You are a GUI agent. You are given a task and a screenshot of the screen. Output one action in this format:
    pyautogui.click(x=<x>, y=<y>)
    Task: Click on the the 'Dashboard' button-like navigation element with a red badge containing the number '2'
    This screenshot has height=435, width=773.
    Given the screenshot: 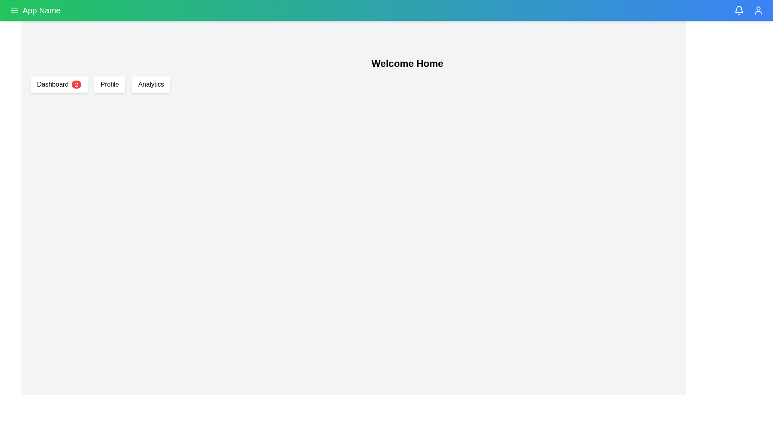 What is the action you would take?
    pyautogui.click(x=59, y=84)
    